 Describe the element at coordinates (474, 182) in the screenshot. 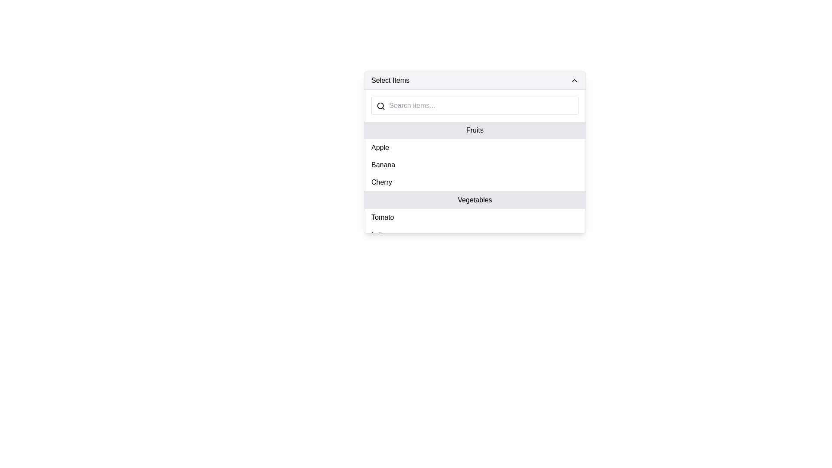

I see `the selectable list item labeled 'Cherry' in the dropdown menu for navigation` at that location.